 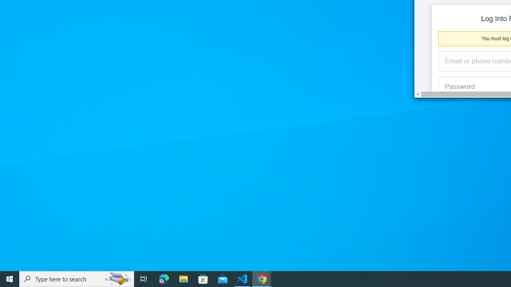 What do you see at coordinates (117, 278) in the screenshot?
I see `'Search highlights icon opens search home window'` at bounding box center [117, 278].